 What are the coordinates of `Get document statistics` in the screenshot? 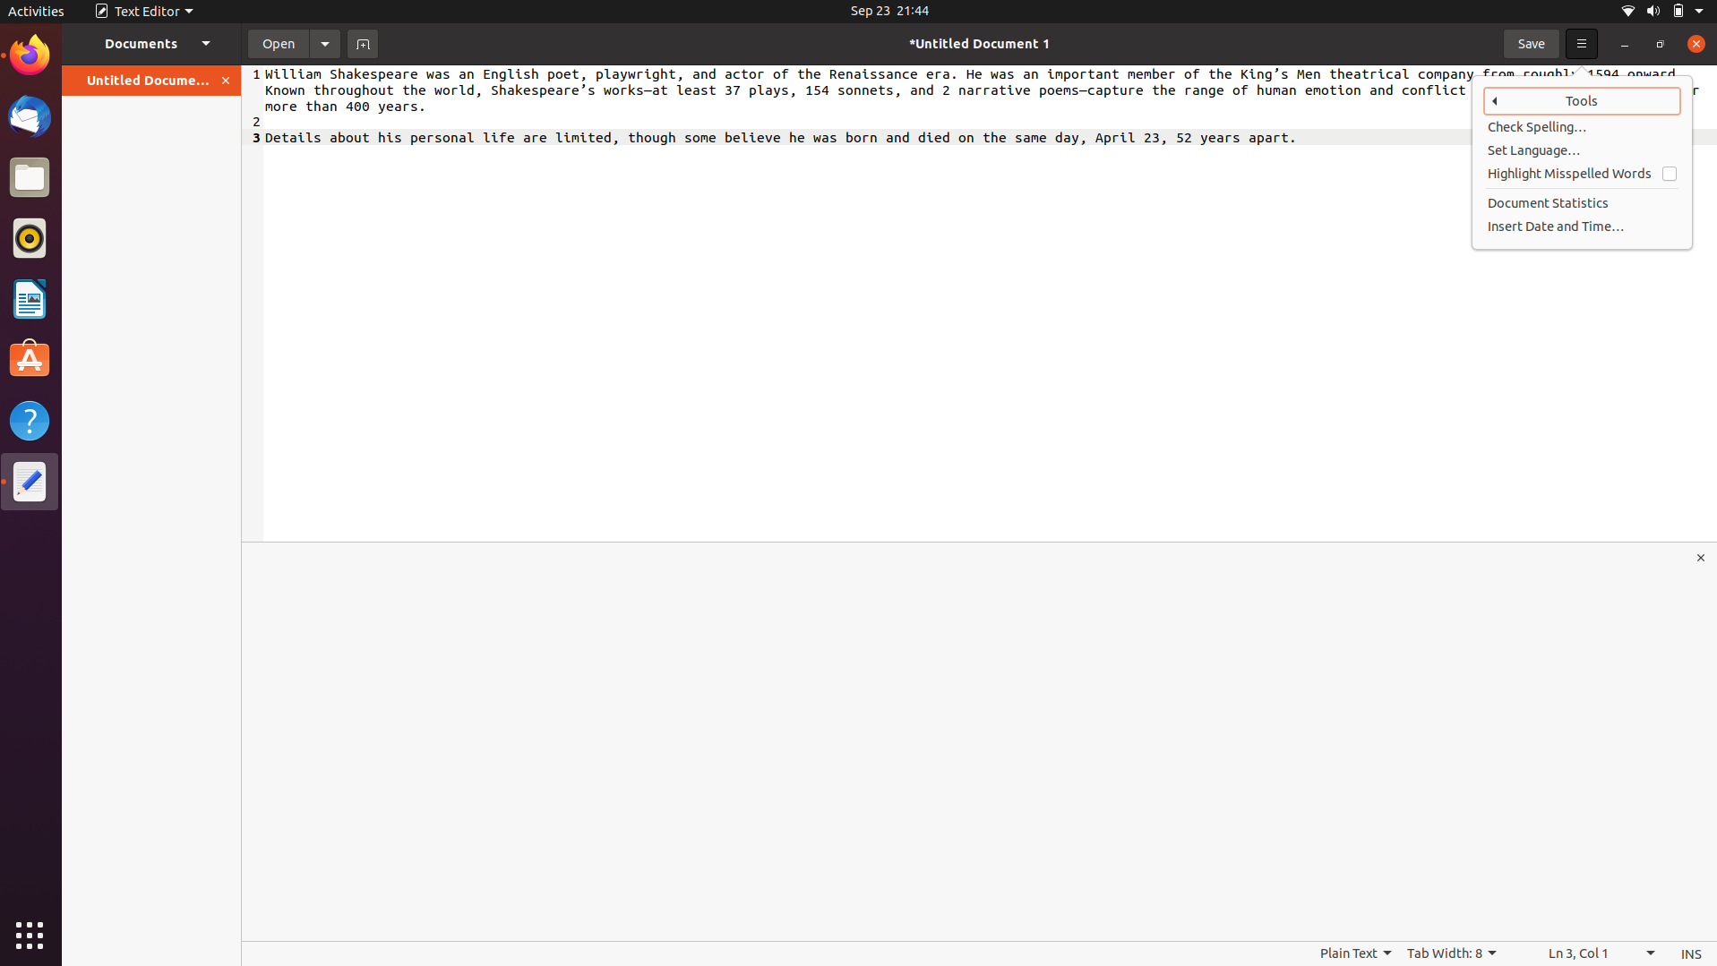 It's located at (1581, 201).